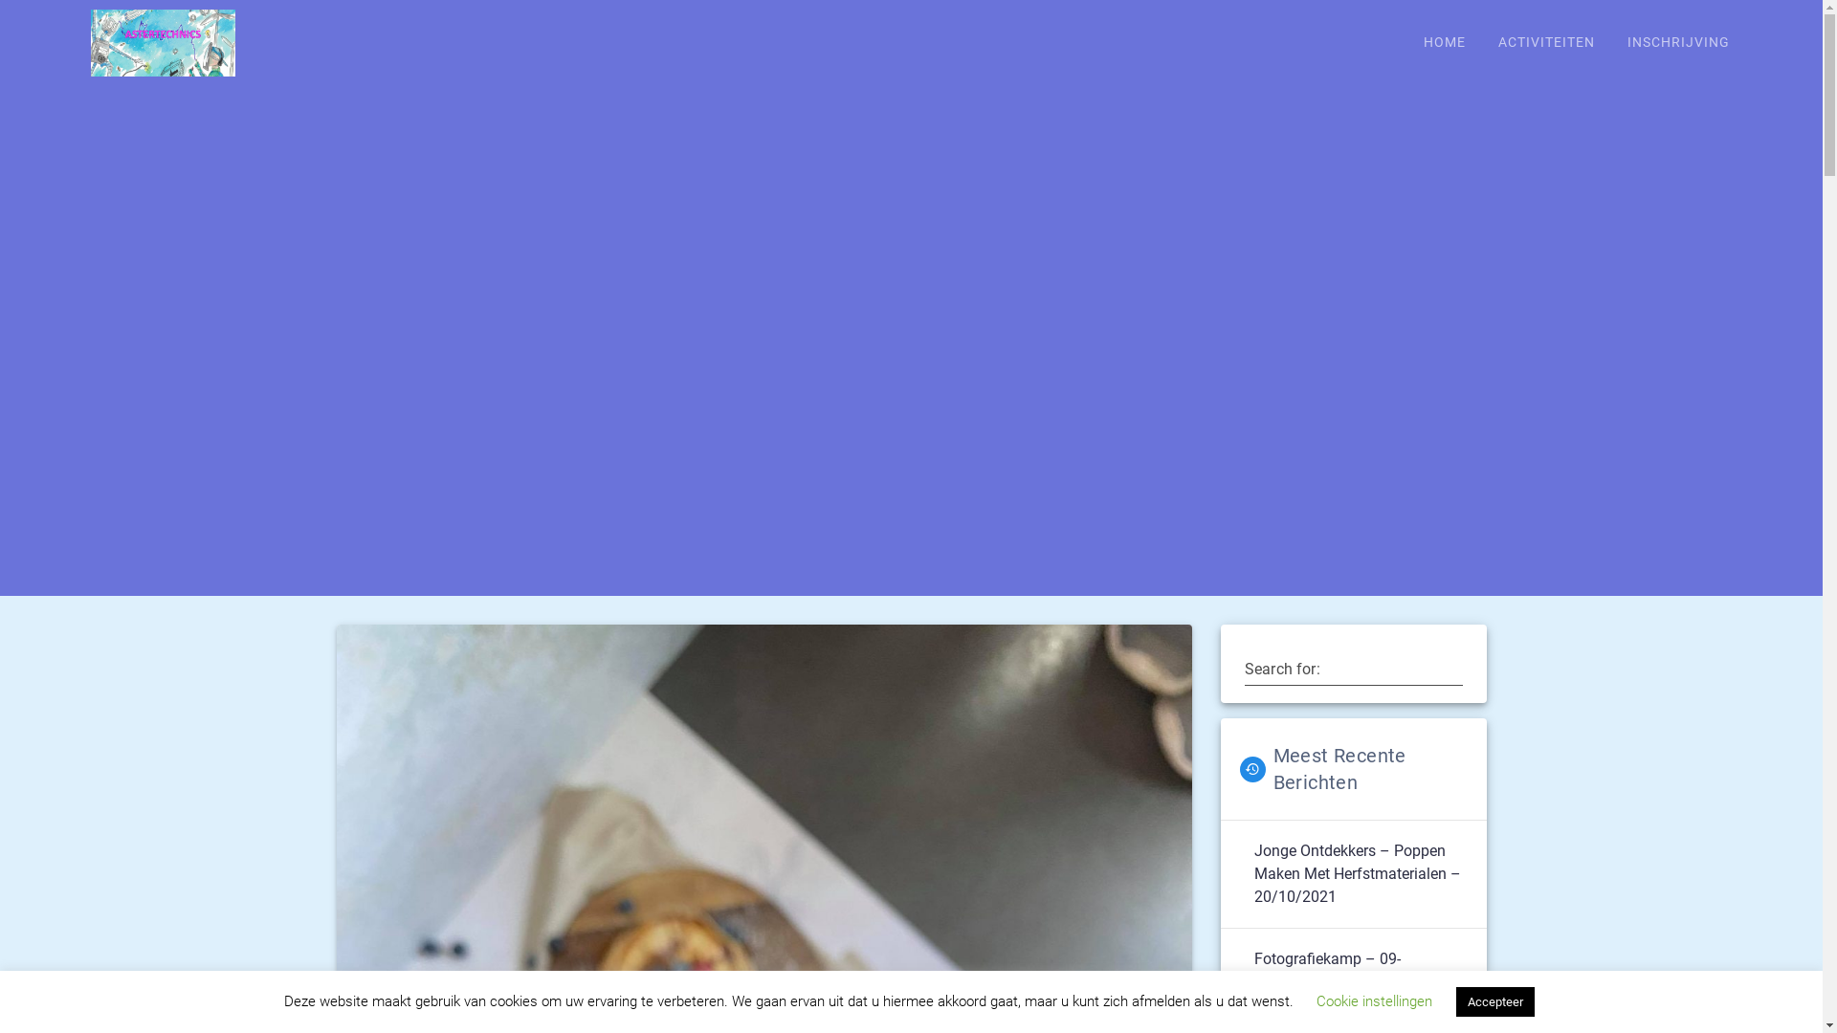 The height and width of the screenshot is (1033, 1837). What do you see at coordinates (1494, 1000) in the screenshot?
I see `'Accepteer'` at bounding box center [1494, 1000].